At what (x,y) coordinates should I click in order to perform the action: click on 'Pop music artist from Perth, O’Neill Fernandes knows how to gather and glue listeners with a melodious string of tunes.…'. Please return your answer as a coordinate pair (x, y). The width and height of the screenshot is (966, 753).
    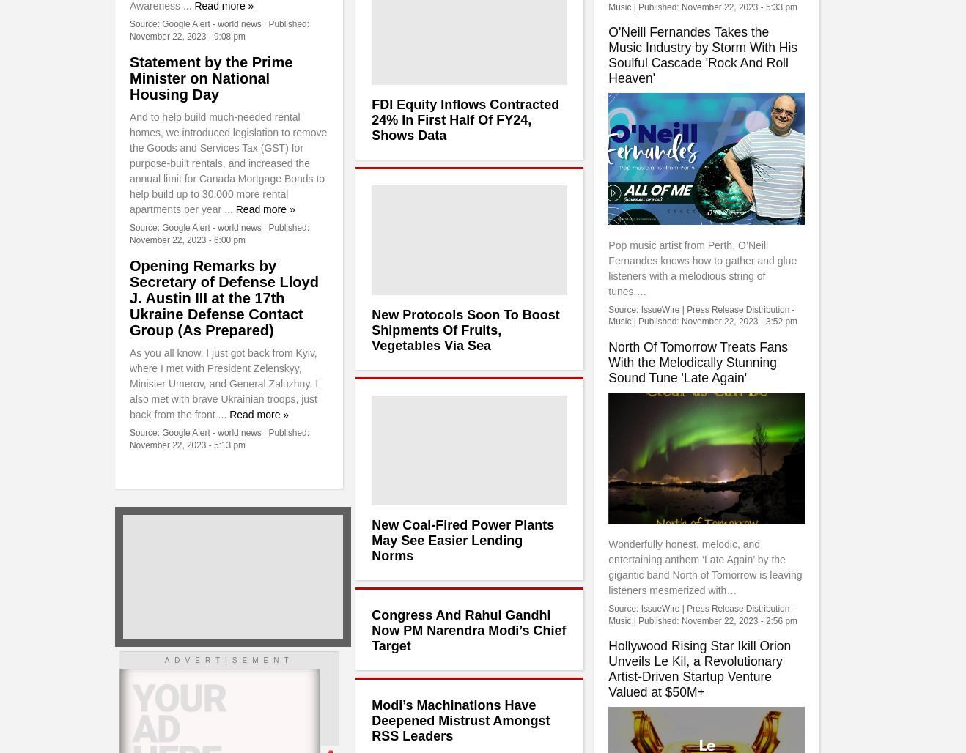
    Looking at the image, I should click on (701, 267).